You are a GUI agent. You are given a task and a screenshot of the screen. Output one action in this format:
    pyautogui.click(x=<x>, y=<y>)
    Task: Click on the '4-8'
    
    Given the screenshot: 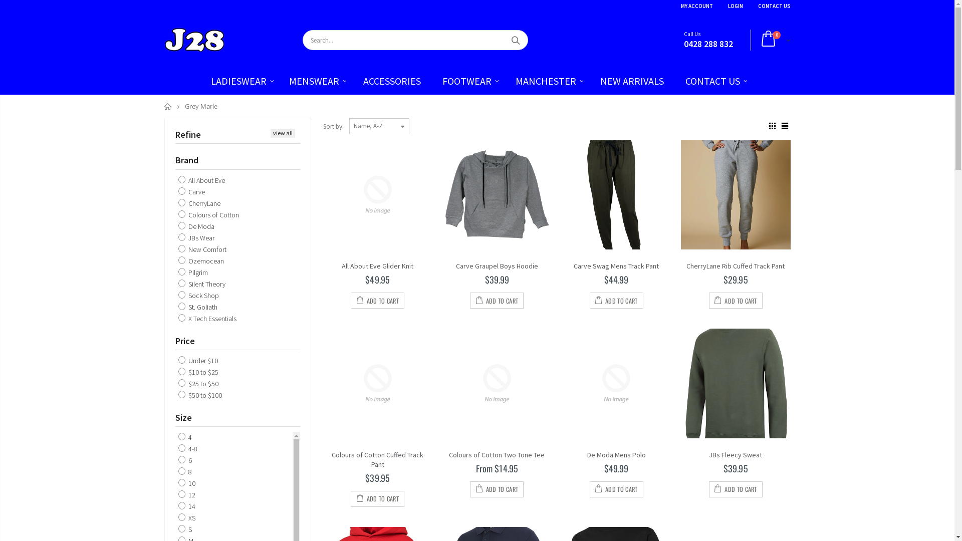 What is the action you would take?
    pyautogui.click(x=178, y=448)
    